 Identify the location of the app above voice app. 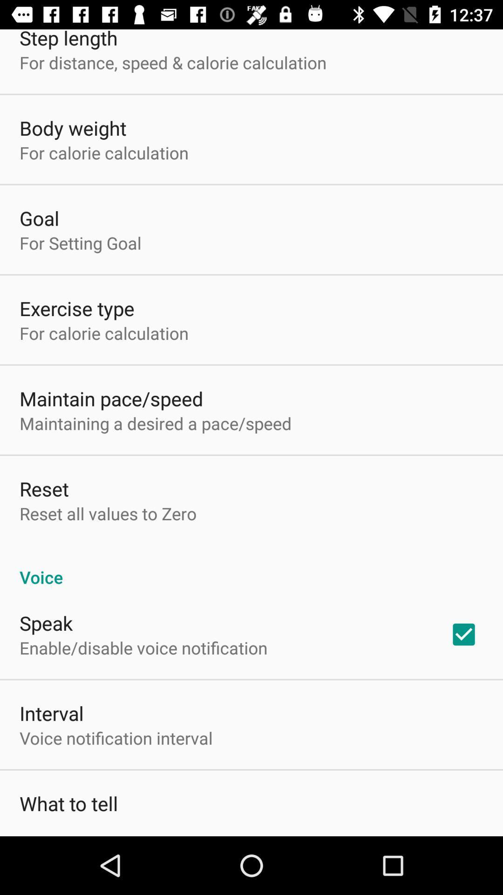
(108, 513).